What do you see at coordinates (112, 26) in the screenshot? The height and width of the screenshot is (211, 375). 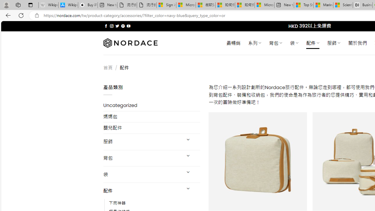 I see `'Follow on Instagram'` at bounding box center [112, 26].